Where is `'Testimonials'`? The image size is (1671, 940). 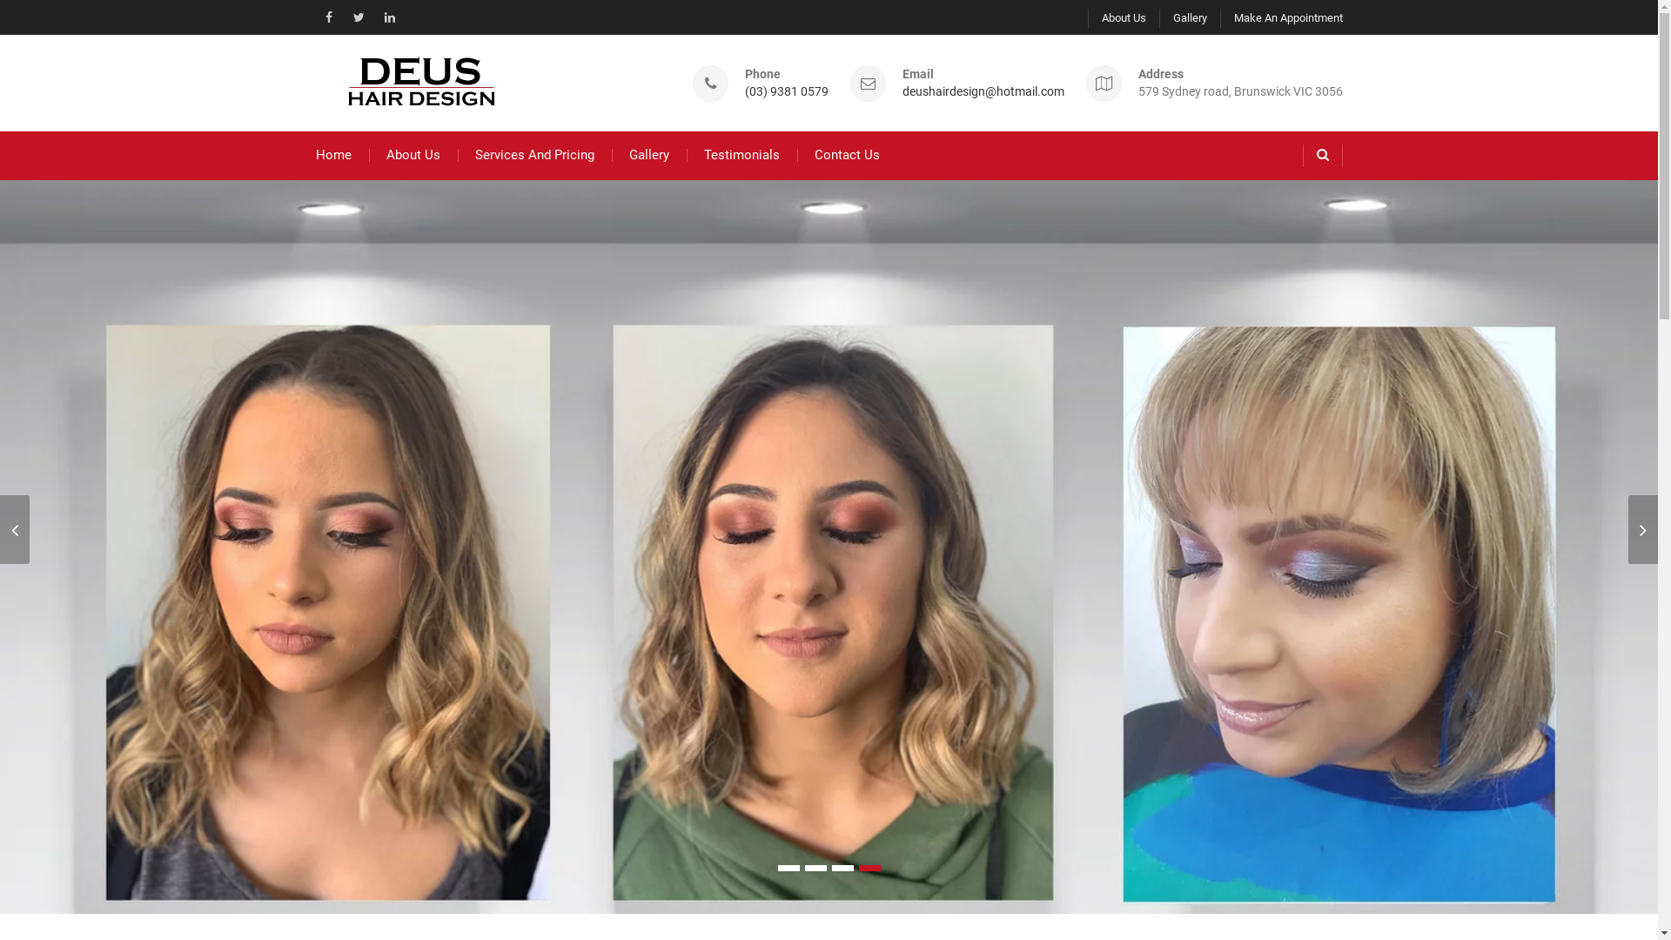
'Testimonials' is located at coordinates (741, 154).